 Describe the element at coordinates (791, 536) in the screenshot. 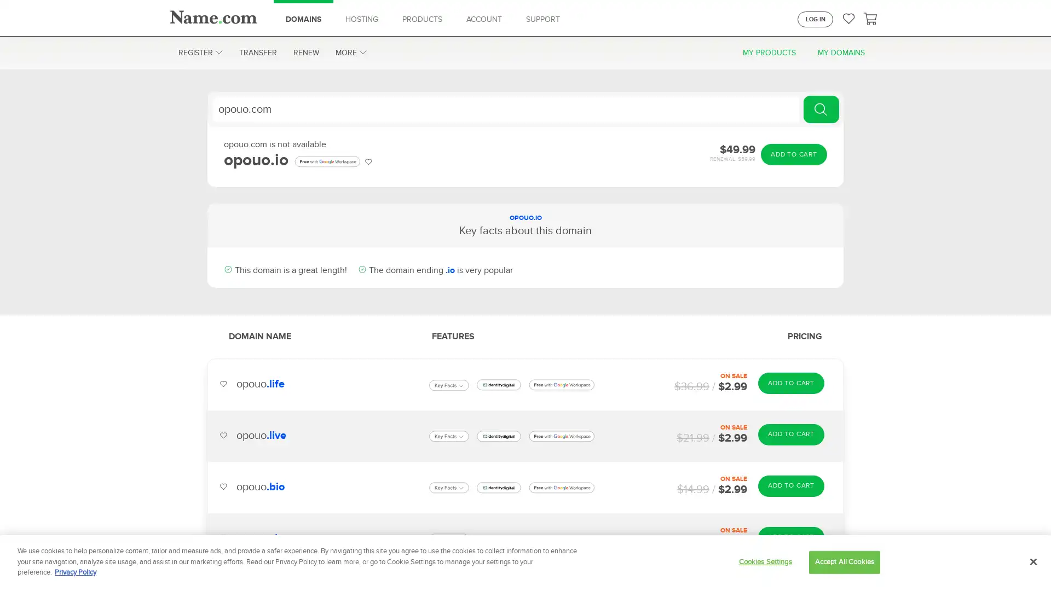

I see `ADD TO CART` at that location.